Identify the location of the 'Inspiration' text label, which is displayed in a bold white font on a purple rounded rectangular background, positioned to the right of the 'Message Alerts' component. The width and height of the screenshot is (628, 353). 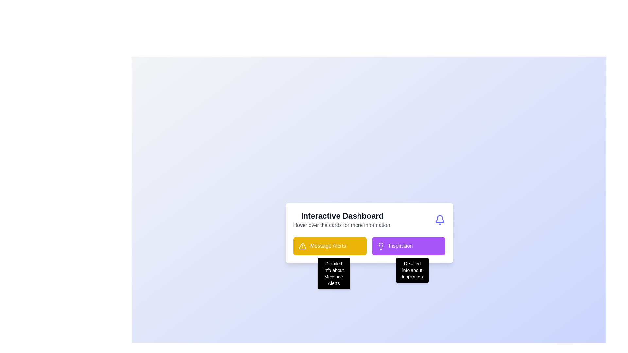
(400, 246).